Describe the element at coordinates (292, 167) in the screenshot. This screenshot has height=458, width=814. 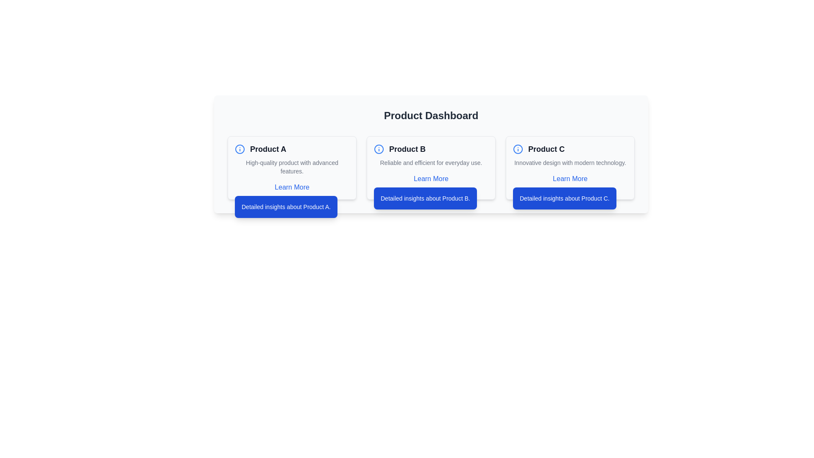
I see `the text block that provides a brief description of 'Product A' located below its title and above the 'Learn More' link` at that location.